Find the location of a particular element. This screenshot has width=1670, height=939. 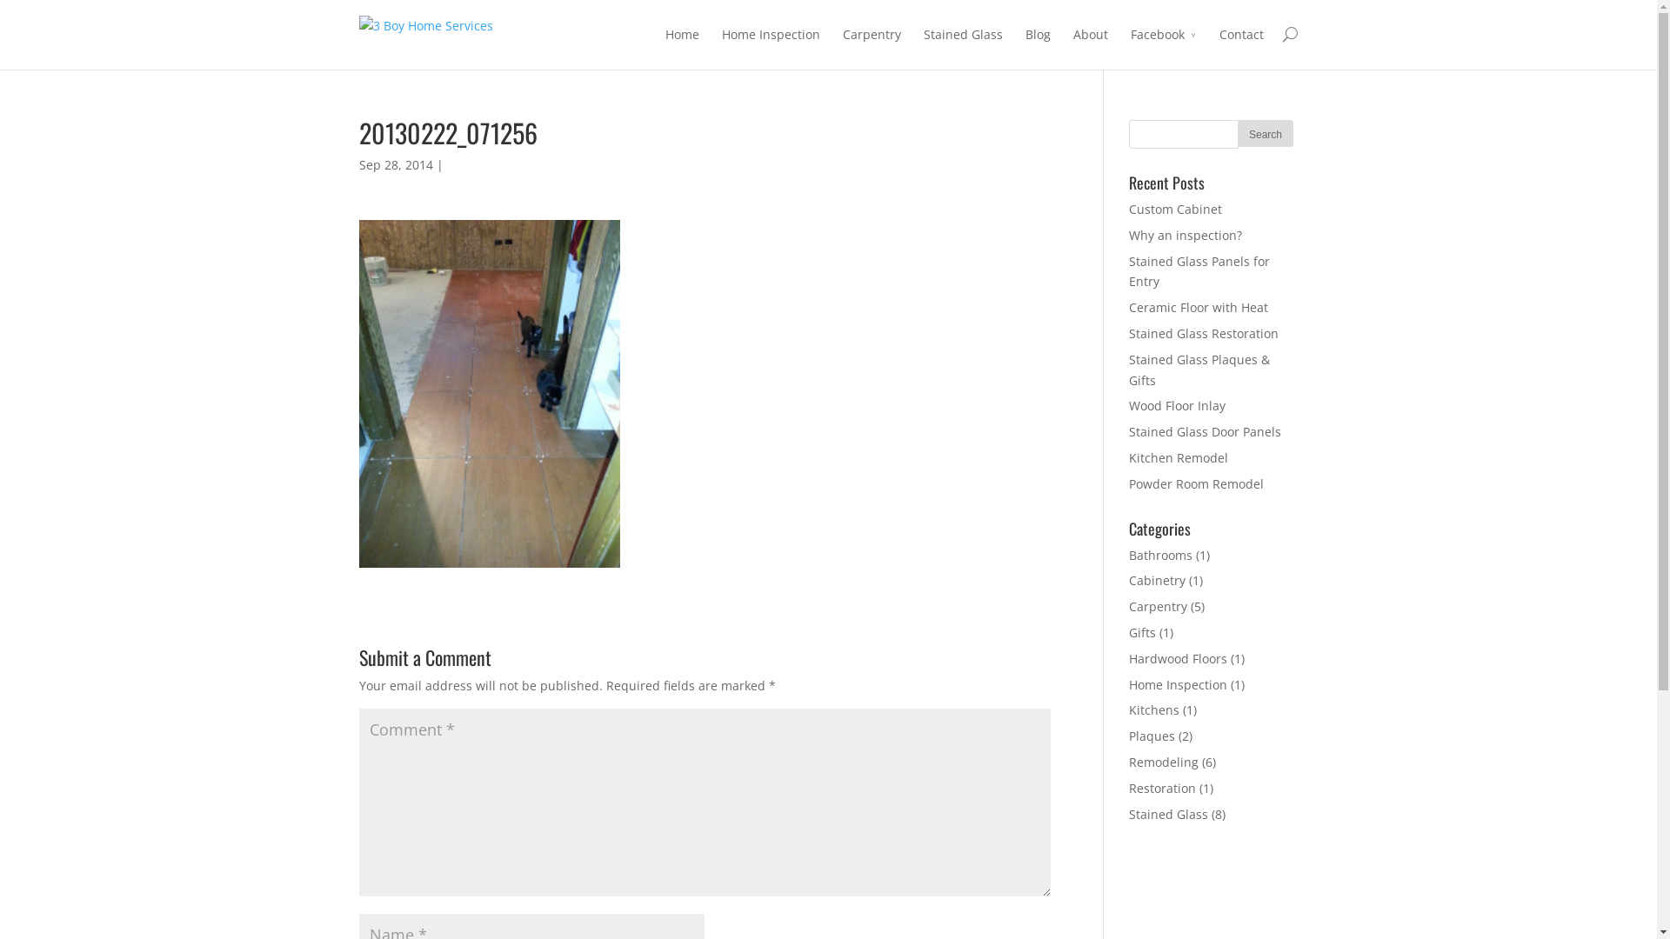

'Custom Cabinet' is located at coordinates (1175, 208).